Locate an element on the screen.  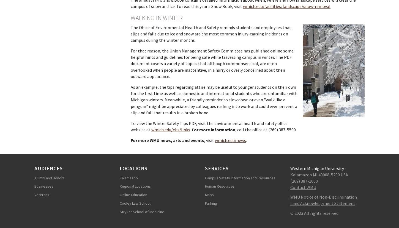
'Maps' is located at coordinates (209, 194).